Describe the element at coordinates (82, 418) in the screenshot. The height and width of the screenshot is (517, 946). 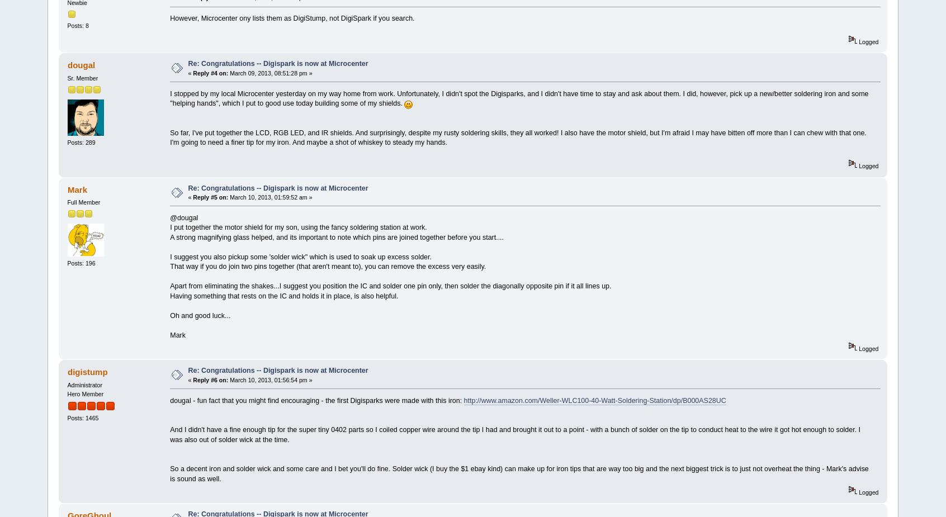
I see `'Posts: 1465'` at that location.